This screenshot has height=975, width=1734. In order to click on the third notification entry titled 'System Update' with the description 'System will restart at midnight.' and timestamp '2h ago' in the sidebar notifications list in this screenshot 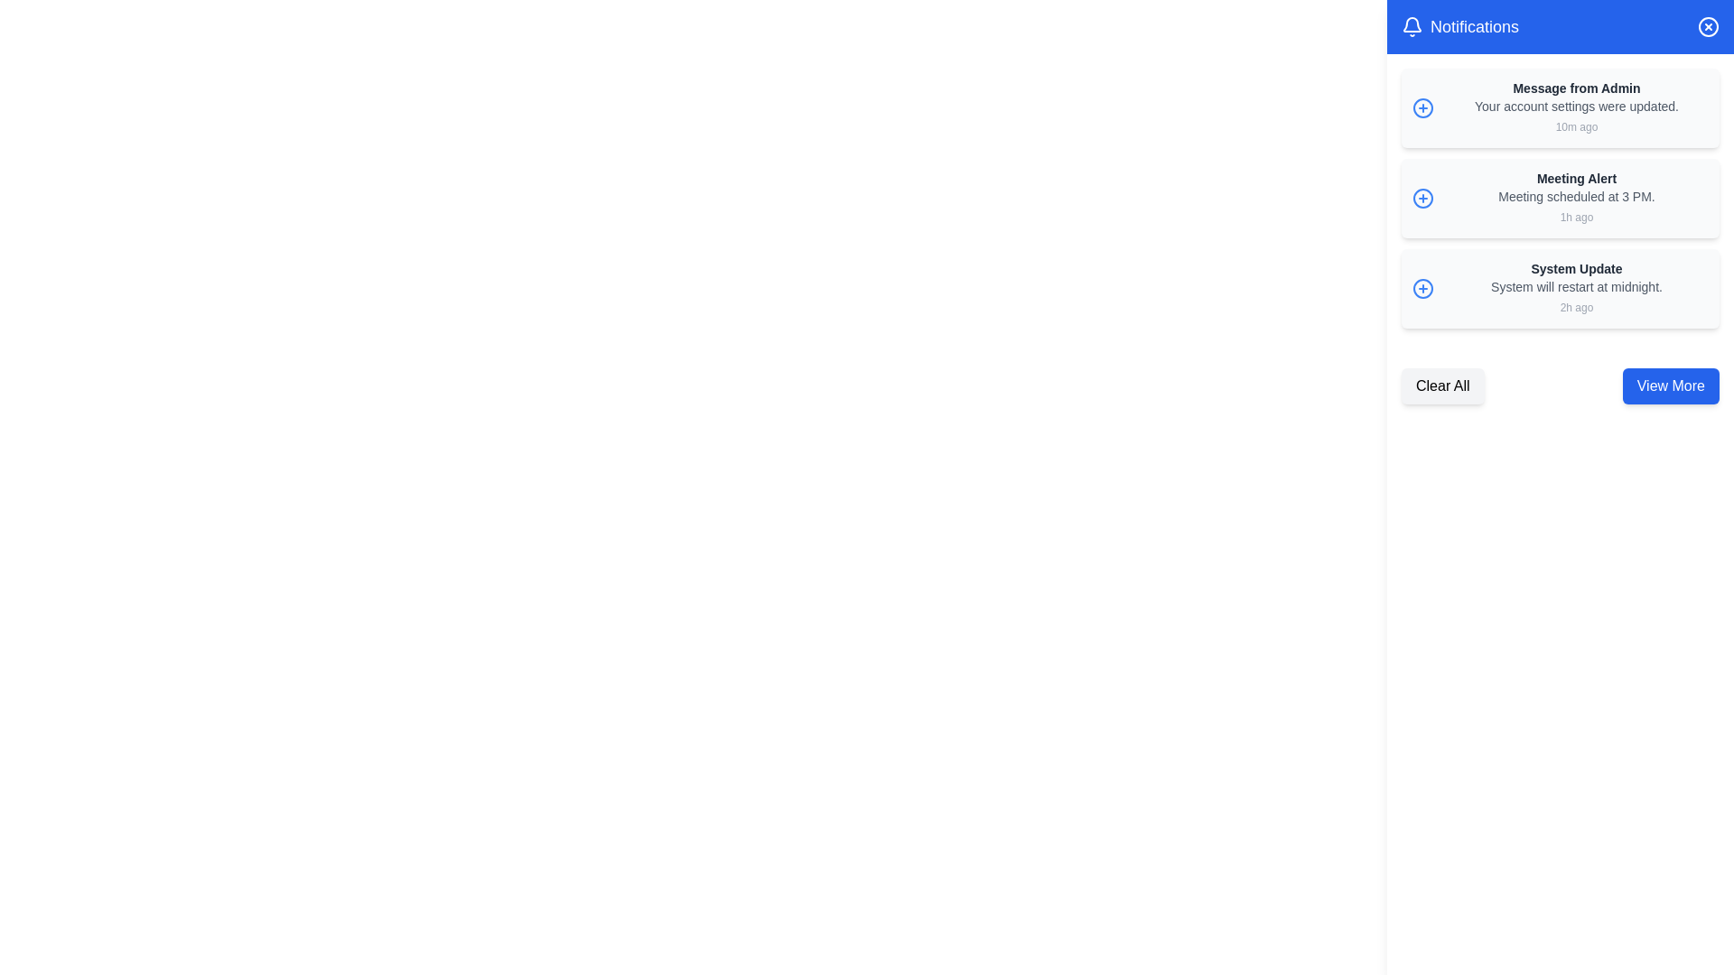, I will do `click(1576, 288)`.